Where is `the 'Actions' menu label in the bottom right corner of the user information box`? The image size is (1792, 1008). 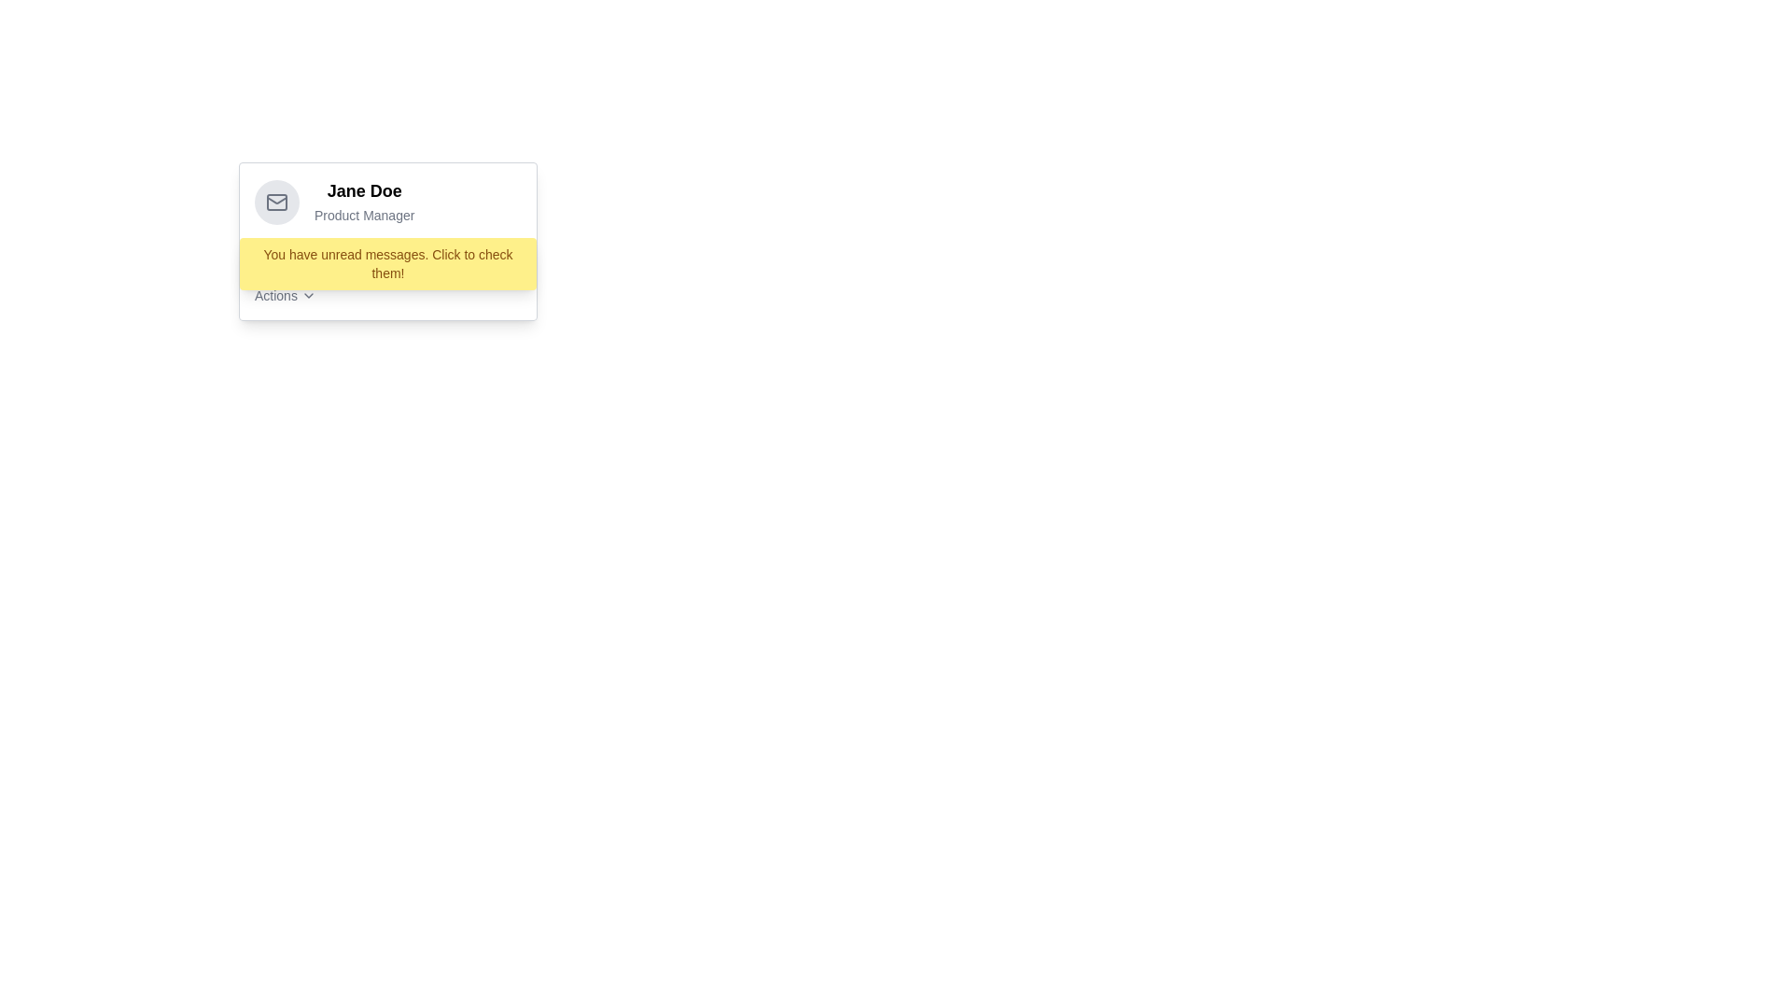 the 'Actions' menu label in the bottom right corner of the user information box is located at coordinates (387, 294).